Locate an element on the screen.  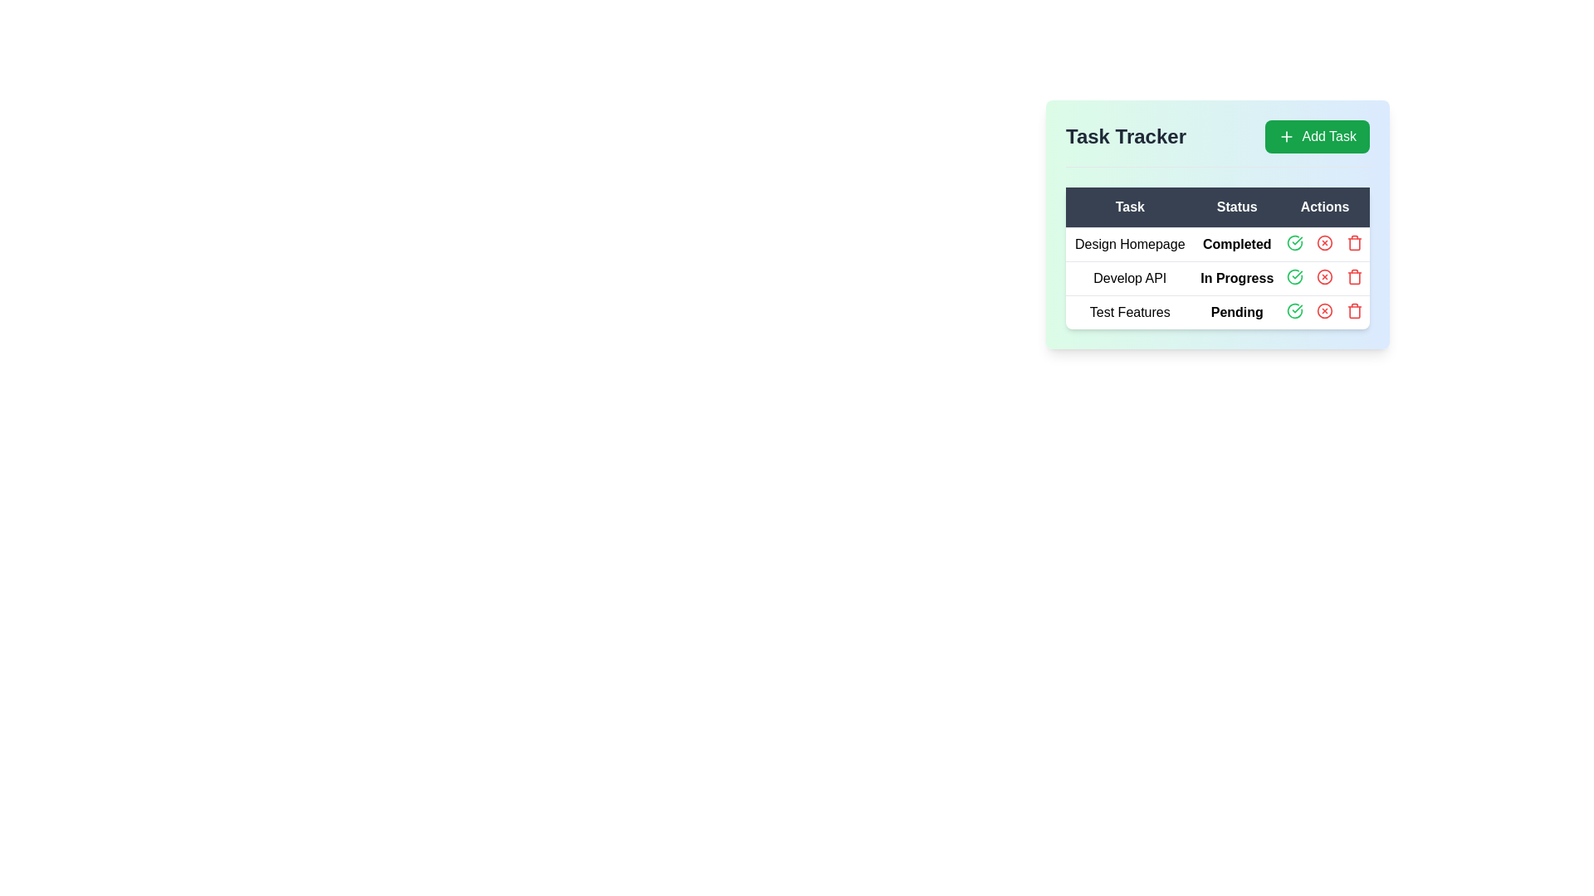
the second icon from the left in the 'Actions' column of the first row of the task table, which is used to undo a completed task for 'Design Homepage' is located at coordinates (1324, 243).